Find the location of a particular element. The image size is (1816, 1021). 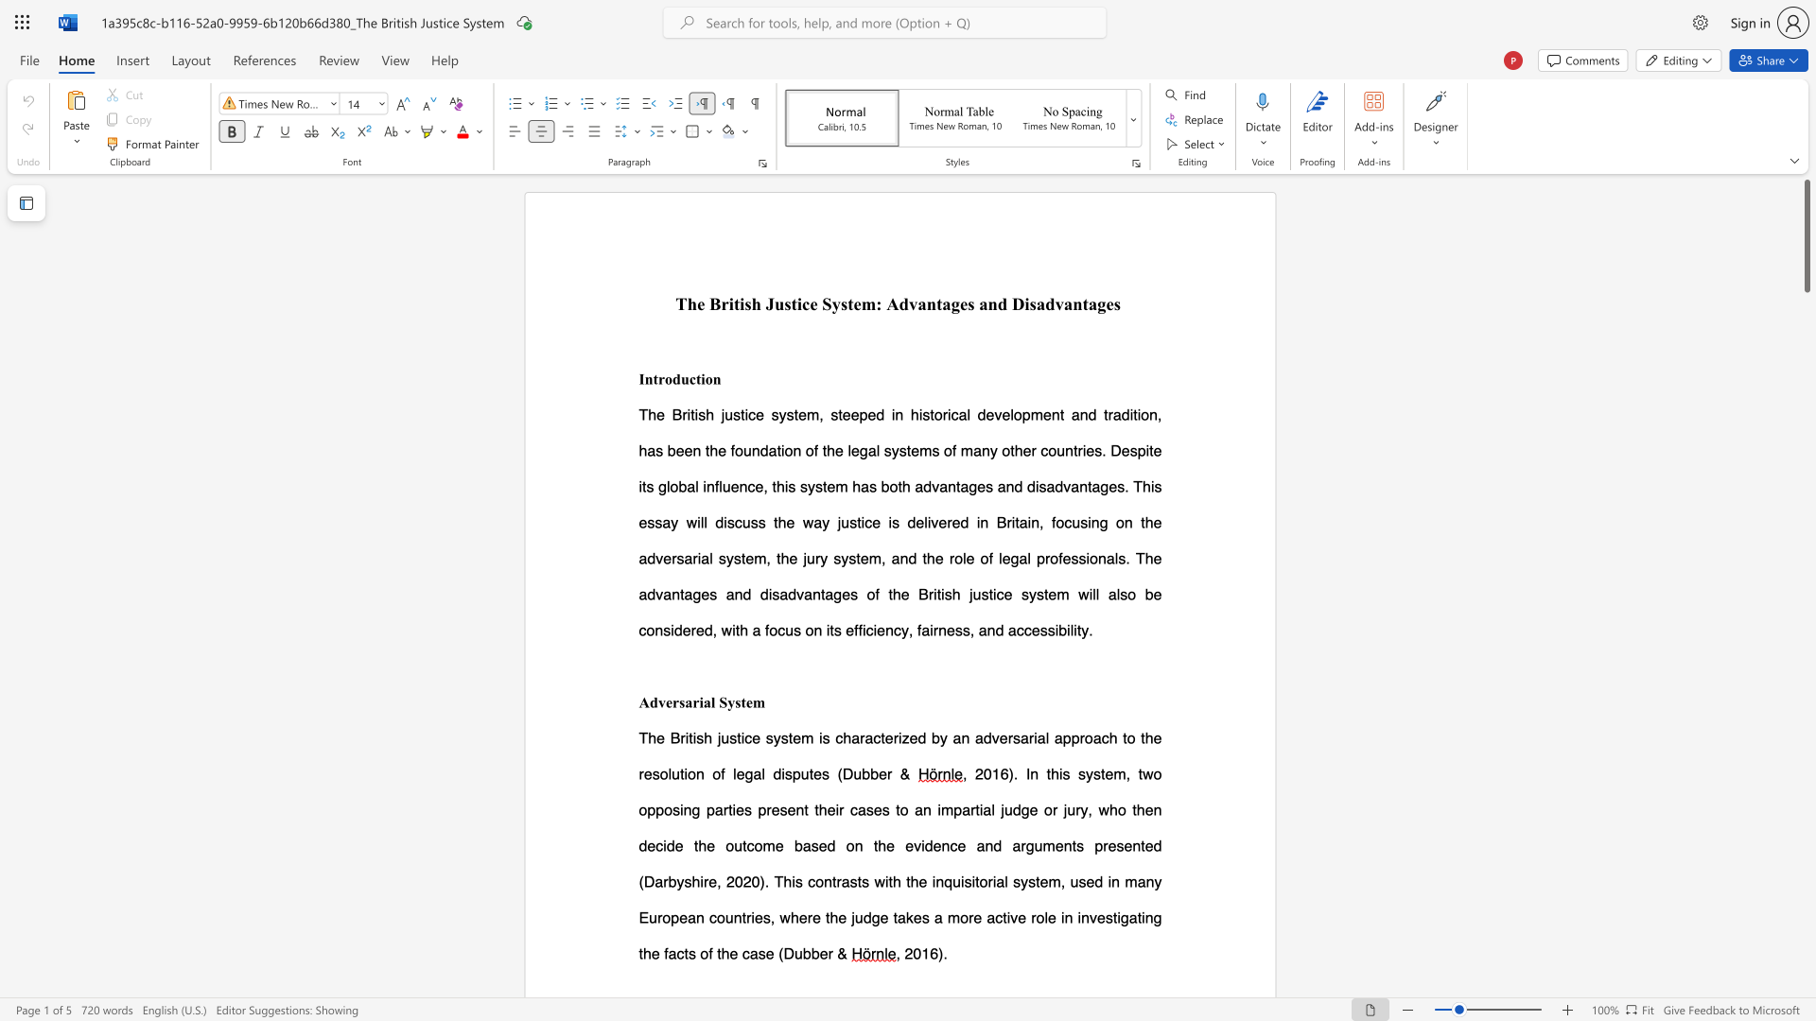

the subset text "tice System: Advantages and Dis" within the text "The British Justice System: Advantages and Disadvantages" is located at coordinates (791, 303).